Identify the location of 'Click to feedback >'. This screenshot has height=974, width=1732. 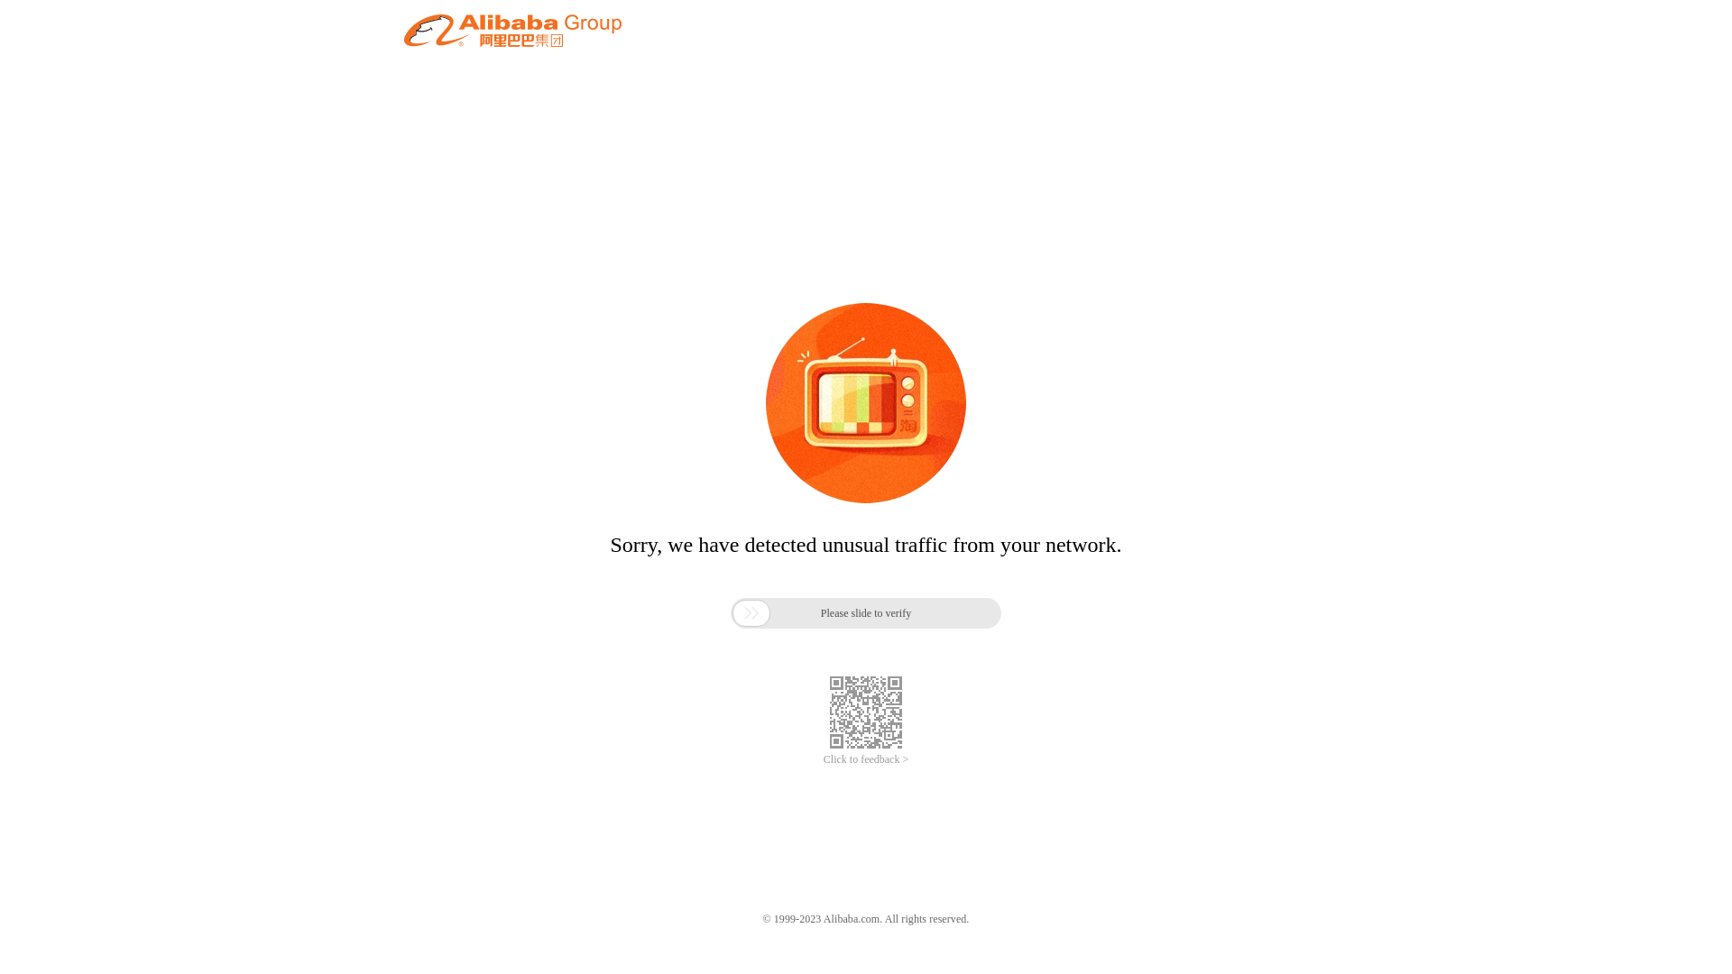
(866, 759).